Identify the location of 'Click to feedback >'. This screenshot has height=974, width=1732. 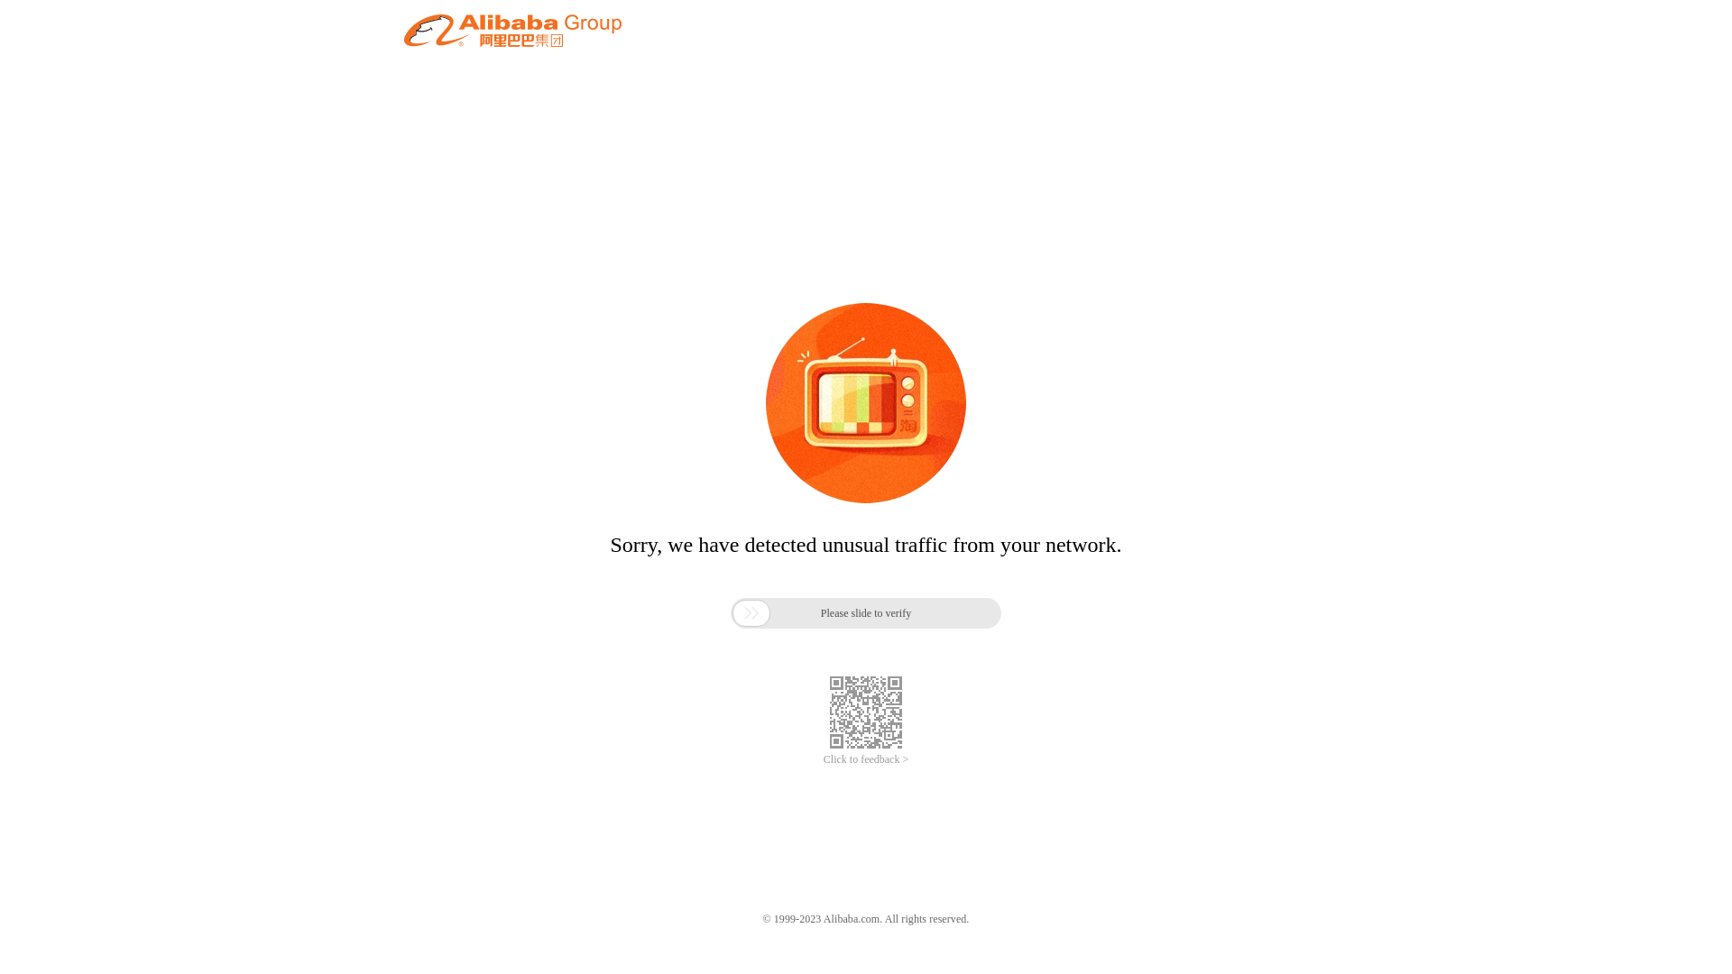
(866, 759).